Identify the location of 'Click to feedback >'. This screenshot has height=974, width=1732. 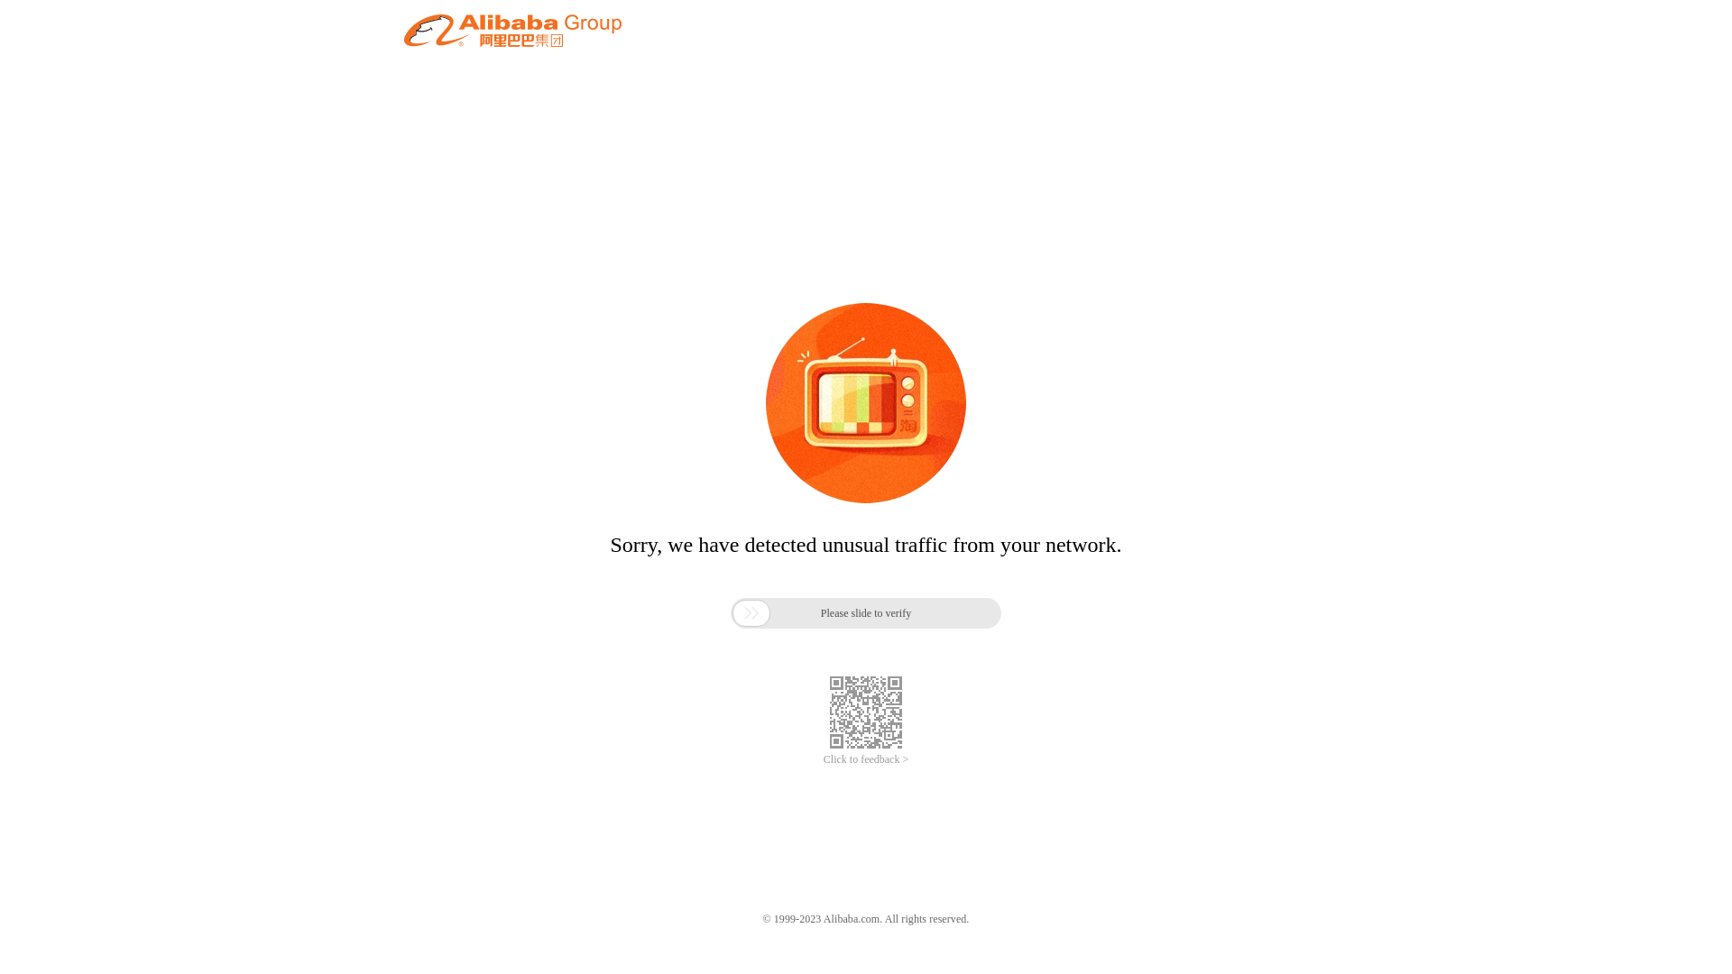
(866, 759).